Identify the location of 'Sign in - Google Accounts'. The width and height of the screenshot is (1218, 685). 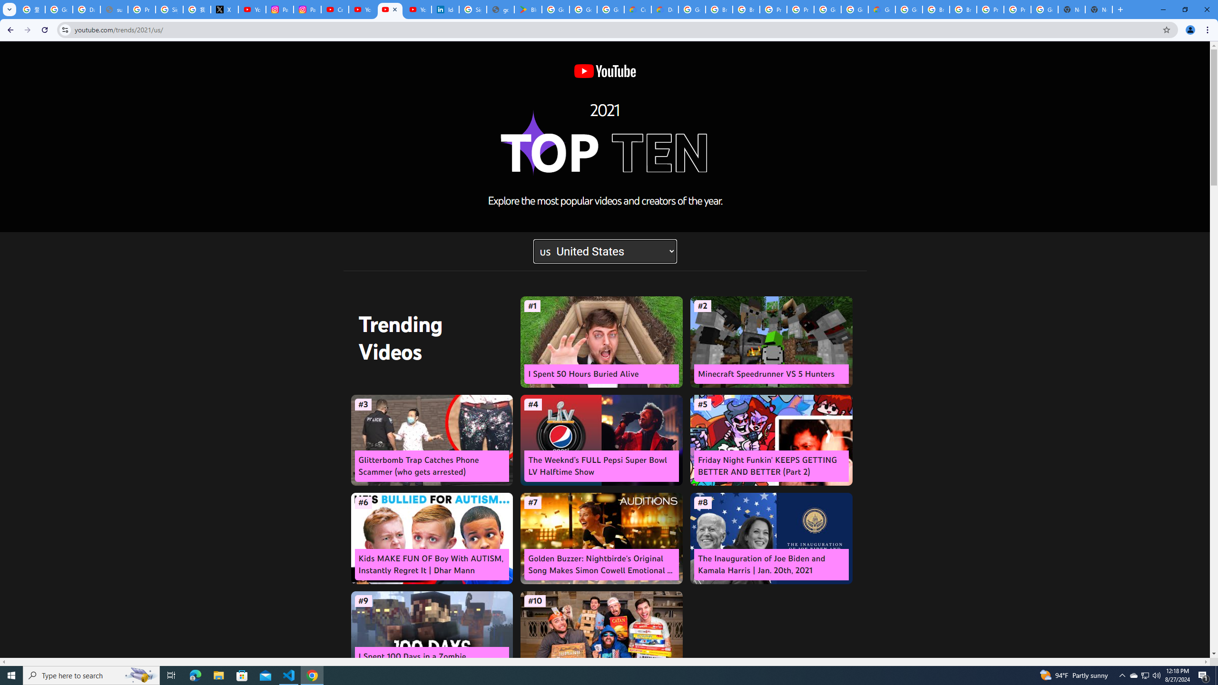
(168, 9).